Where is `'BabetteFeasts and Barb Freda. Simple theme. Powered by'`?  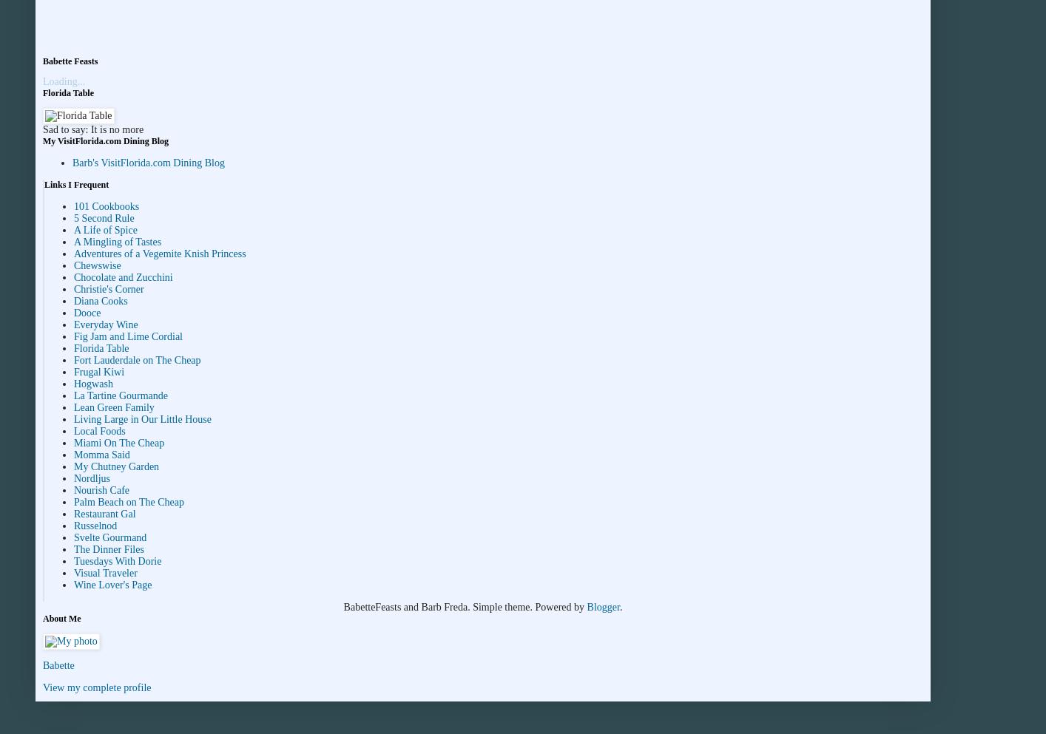 'BabetteFeasts and Barb Freda. Simple theme. Powered by' is located at coordinates (464, 607).